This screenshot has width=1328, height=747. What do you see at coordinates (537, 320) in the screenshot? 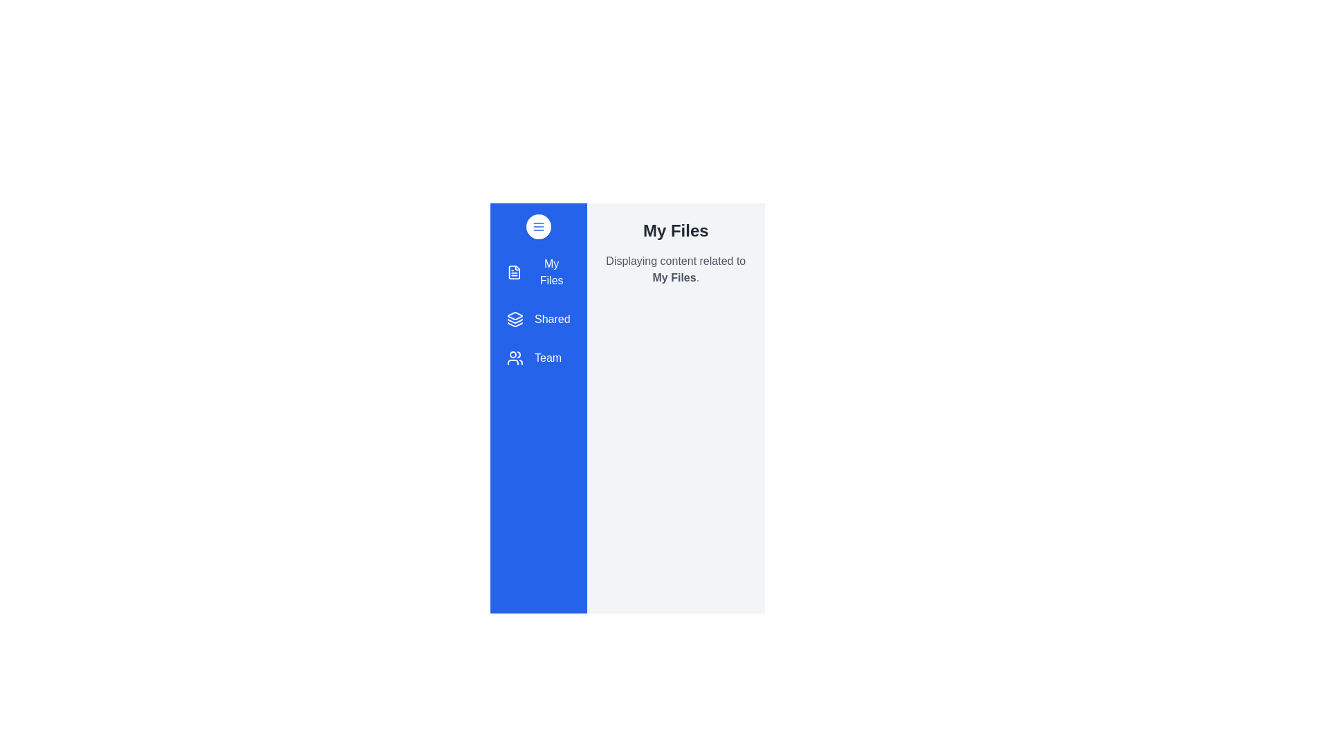
I see `the section Shared from the drawer menu` at bounding box center [537, 320].